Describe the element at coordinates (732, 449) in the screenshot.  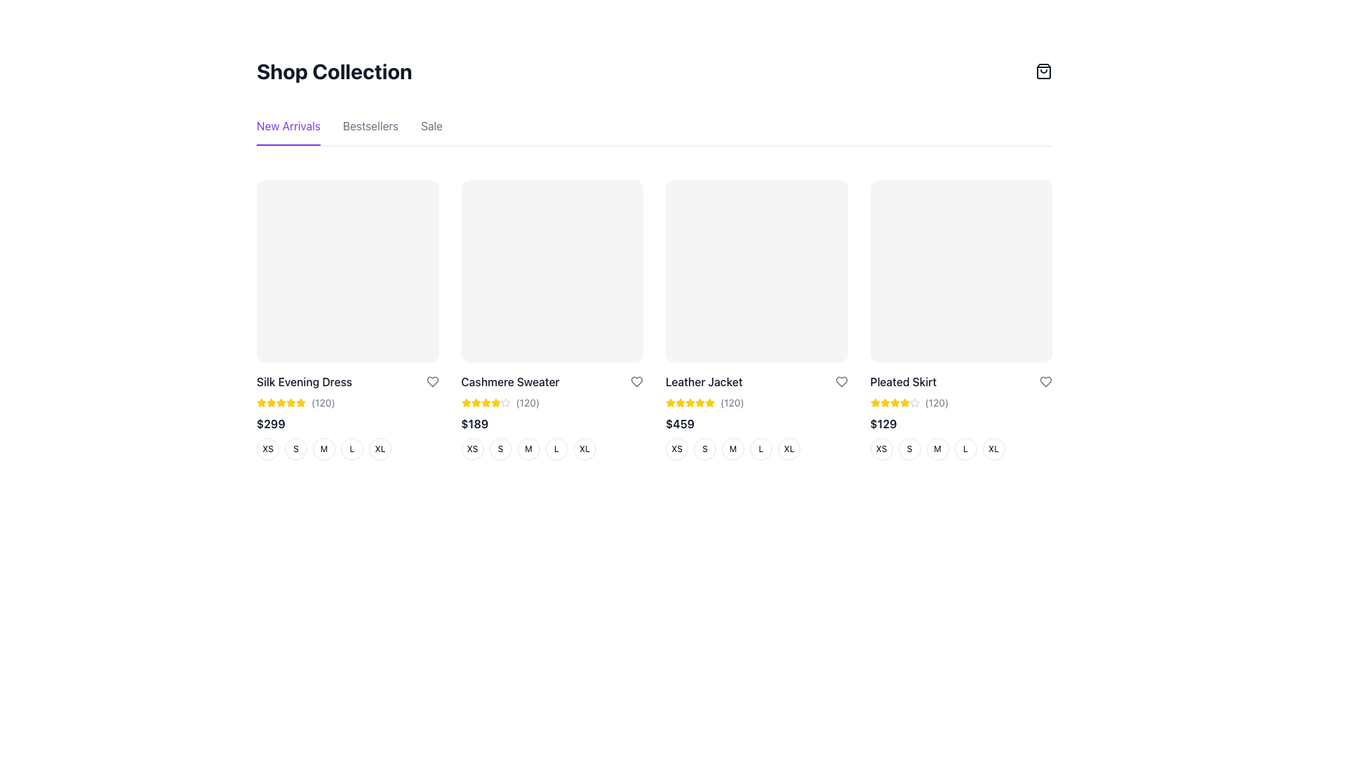
I see `the circular button with a light gray border containing the letter 'M', which is the third button in the size options for the 'Leather Jacket' located below the price section` at that location.